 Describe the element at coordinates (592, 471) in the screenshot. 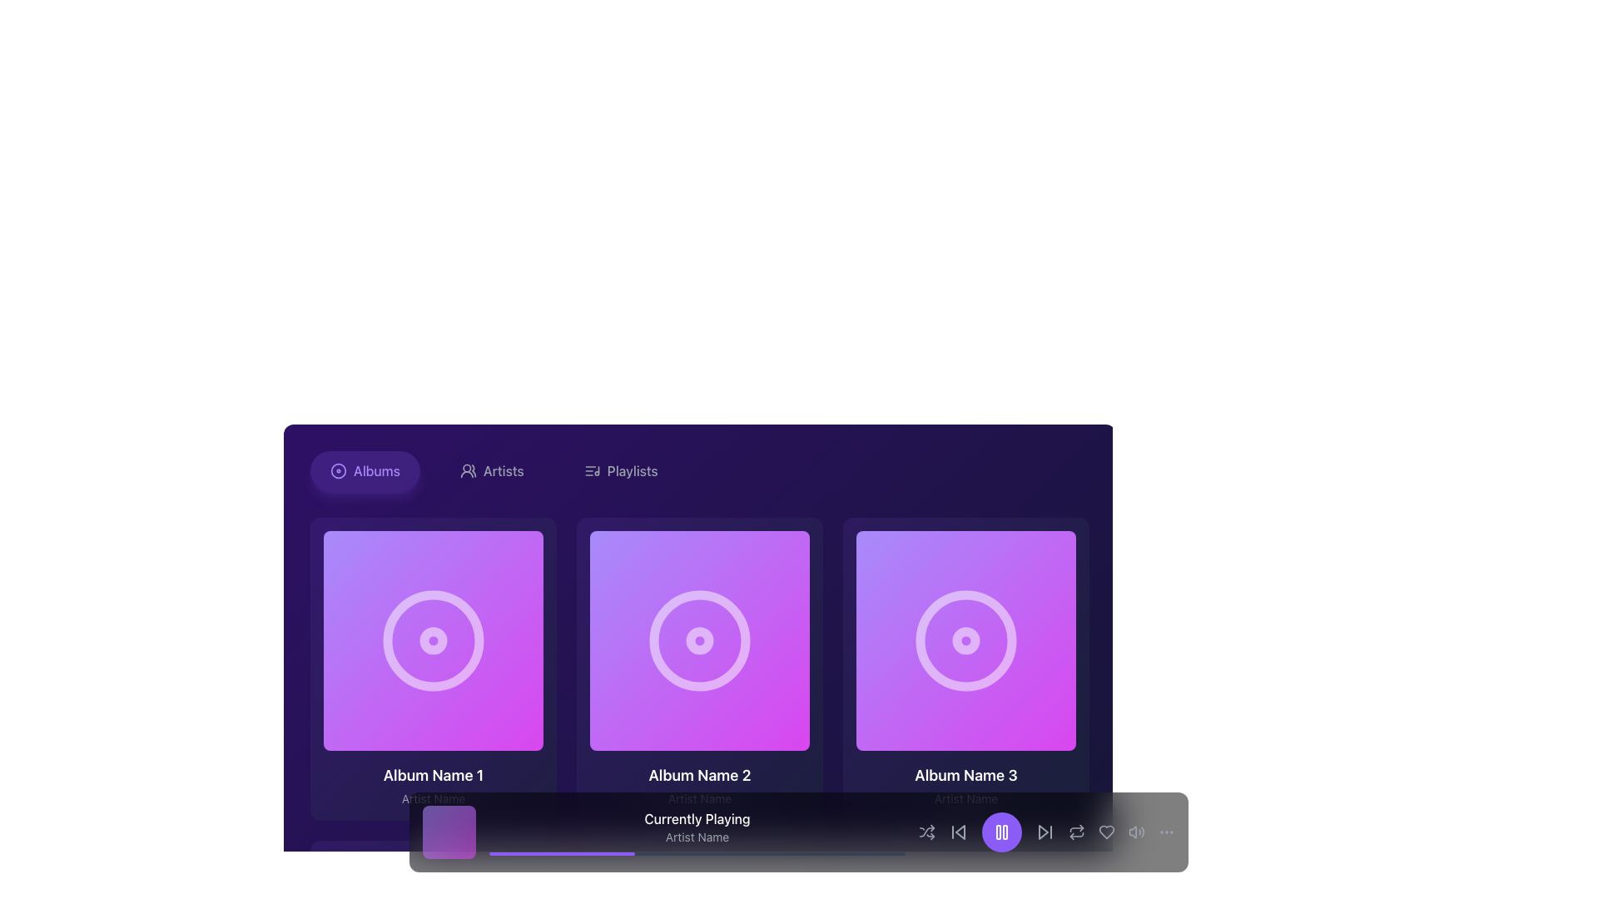

I see `the icon resembling a list with a musical note, located within the 'Playlists' button for informational purposes` at that location.